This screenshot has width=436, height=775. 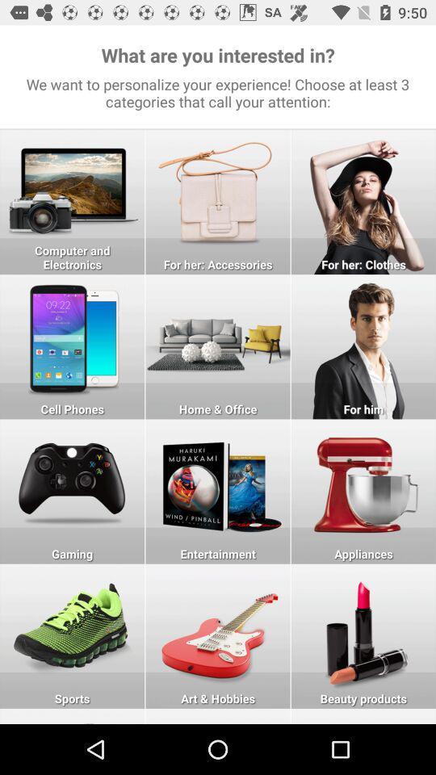 What do you see at coordinates (363, 636) in the screenshot?
I see `beauty products` at bounding box center [363, 636].